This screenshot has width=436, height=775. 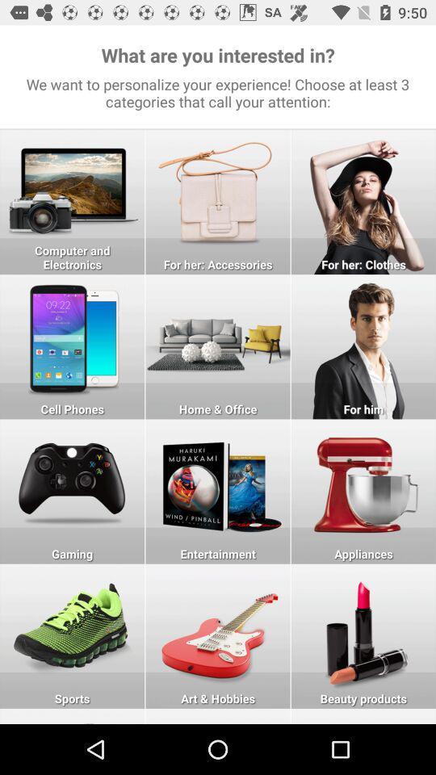 What do you see at coordinates (363, 636) in the screenshot?
I see `beauty products` at bounding box center [363, 636].